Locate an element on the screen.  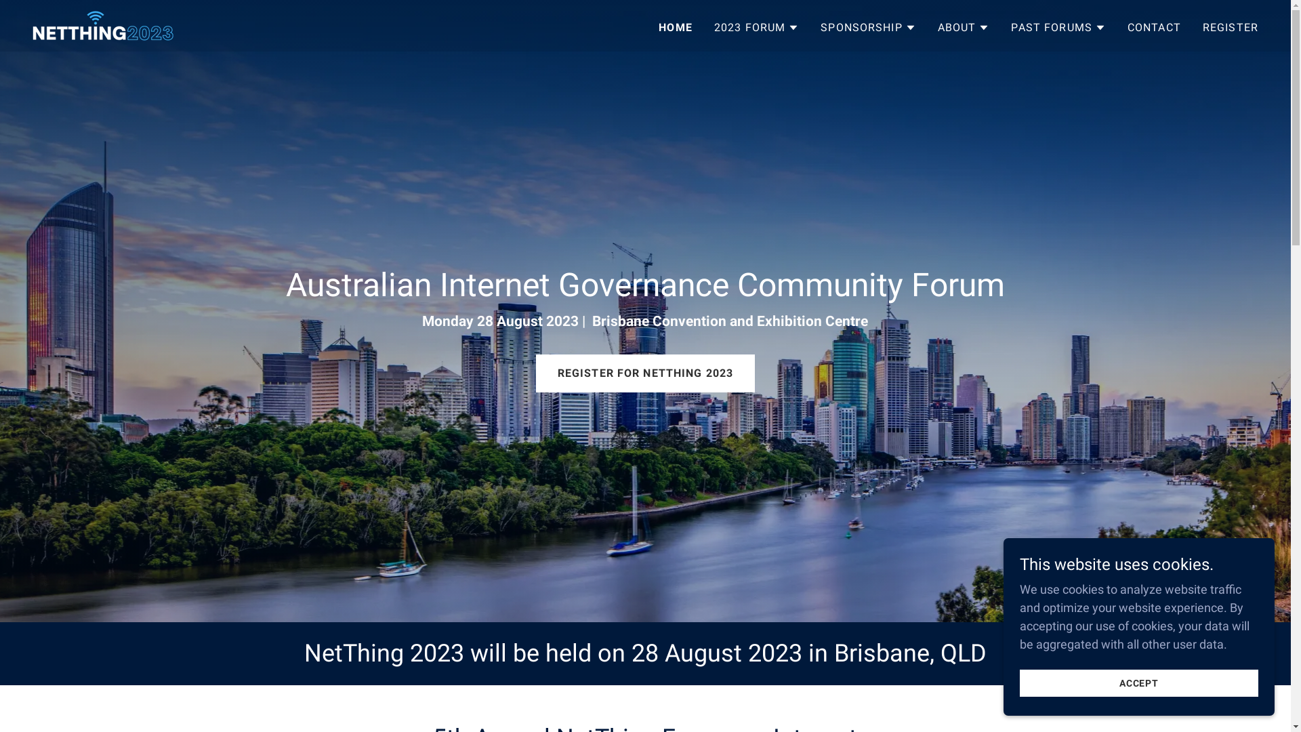
'PAST FORUMS' is located at coordinates (1057, 26).